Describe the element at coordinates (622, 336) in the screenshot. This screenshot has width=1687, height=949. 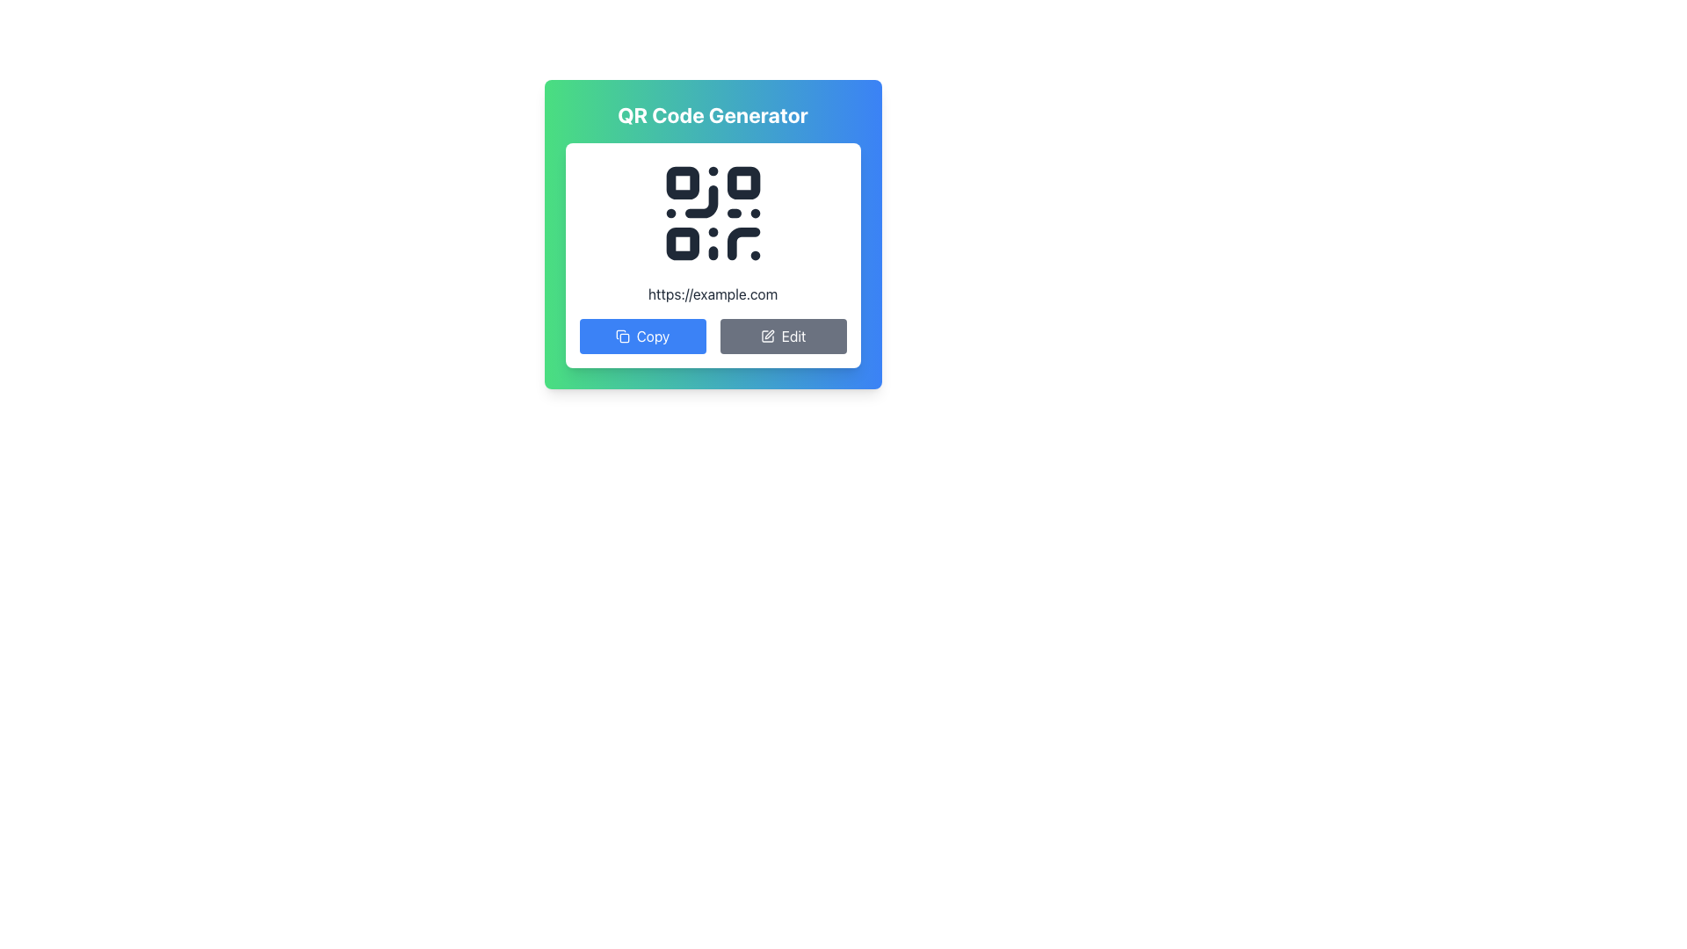
I see `the copy action icon, which is a double-sheet shaped outline located to the left of the 'Copy' button label` at that location.